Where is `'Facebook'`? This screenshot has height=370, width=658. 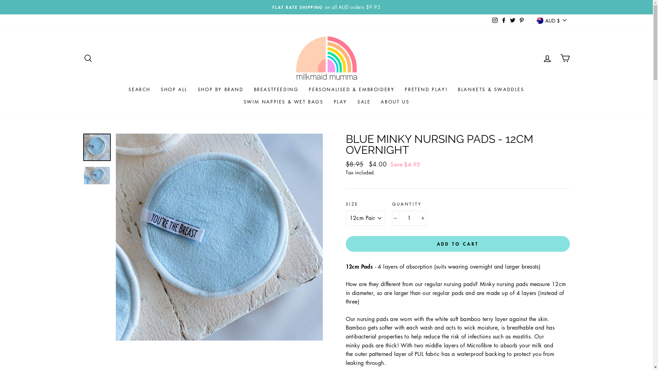
'Facebook' is located at coordinates (503, 20).